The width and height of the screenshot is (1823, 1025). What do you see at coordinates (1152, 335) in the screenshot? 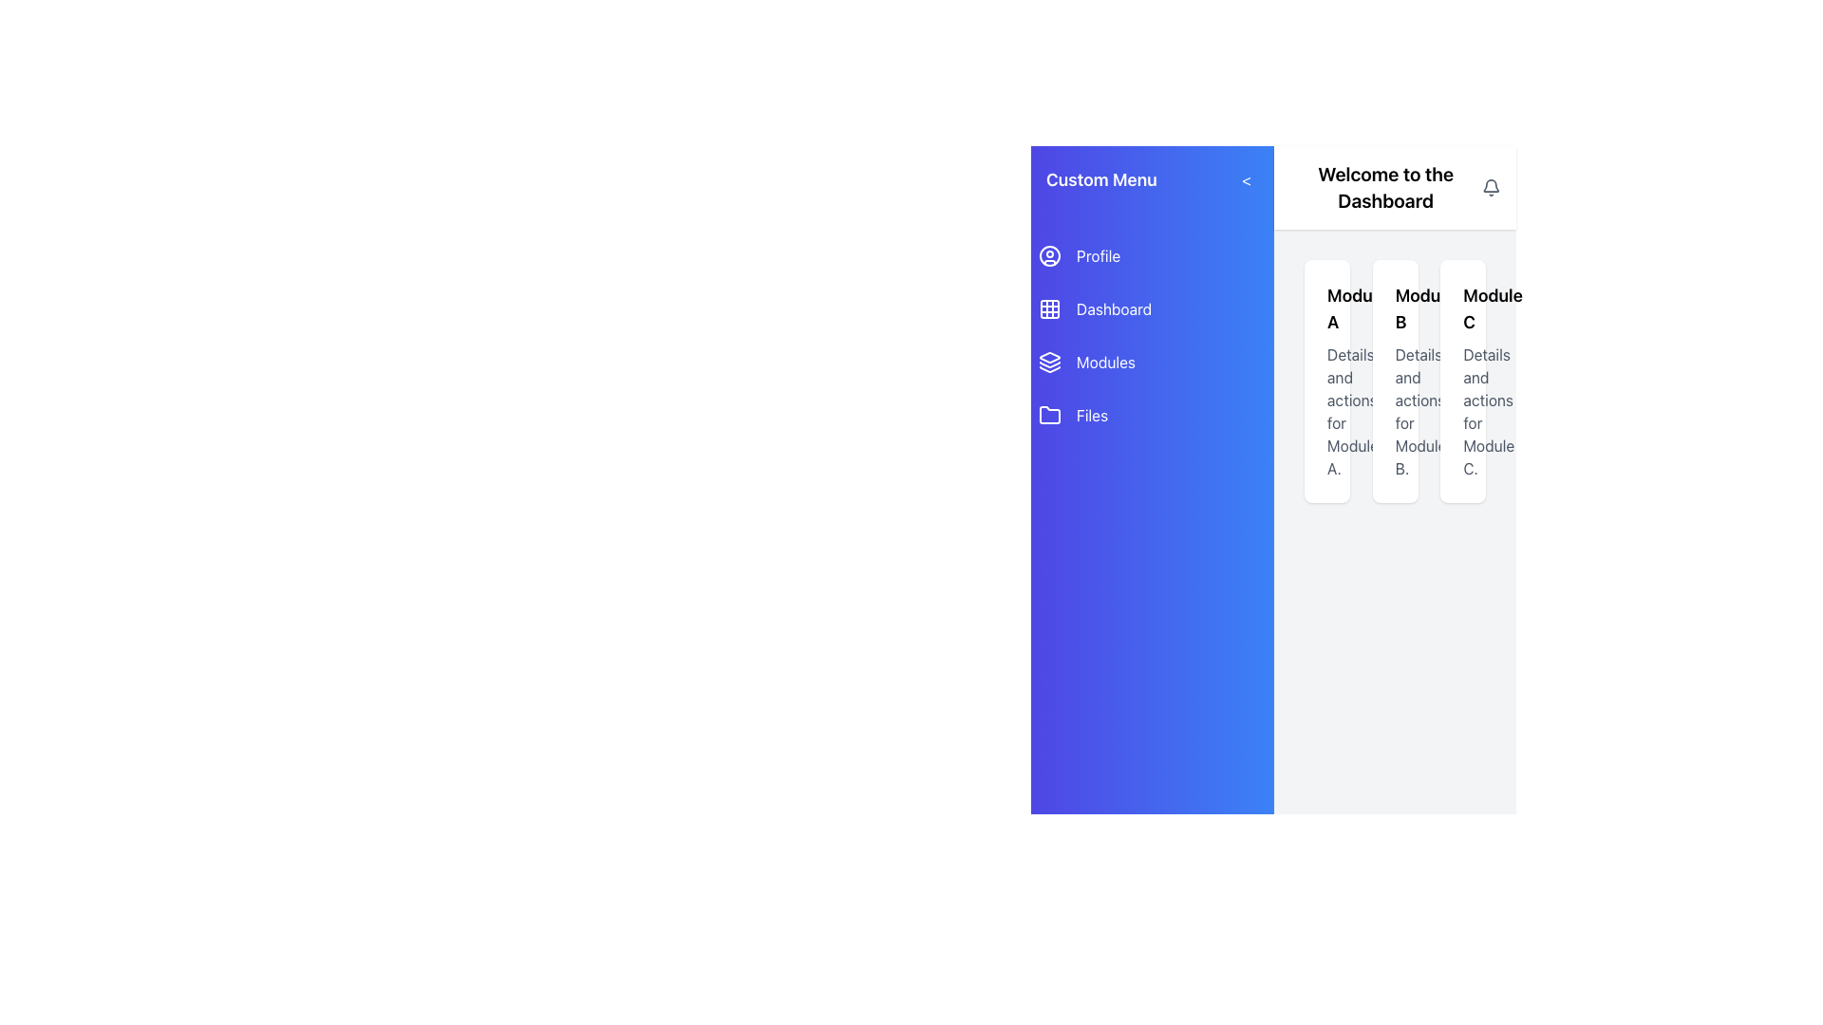
I see `the 'Dashboard' menu item in the vertical menu section on the left panel` at bounding box center [1152, 335].